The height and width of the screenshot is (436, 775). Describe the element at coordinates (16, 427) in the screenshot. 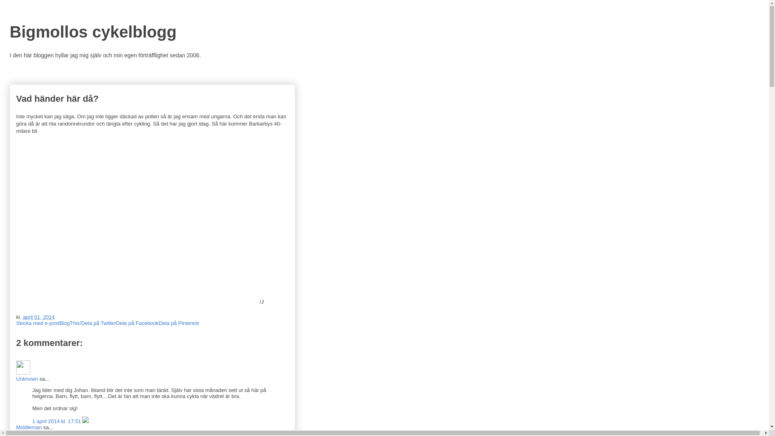

I see `'Middleman'` at that location.